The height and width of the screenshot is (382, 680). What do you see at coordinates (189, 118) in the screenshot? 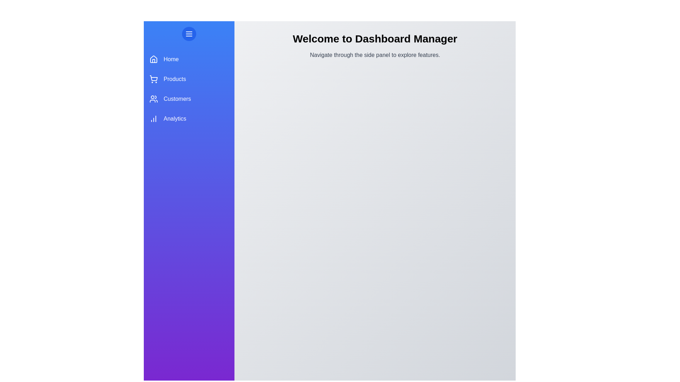
I see `the sidebar item Analytics to observe its hover effect` at bounding box center [189, 118].